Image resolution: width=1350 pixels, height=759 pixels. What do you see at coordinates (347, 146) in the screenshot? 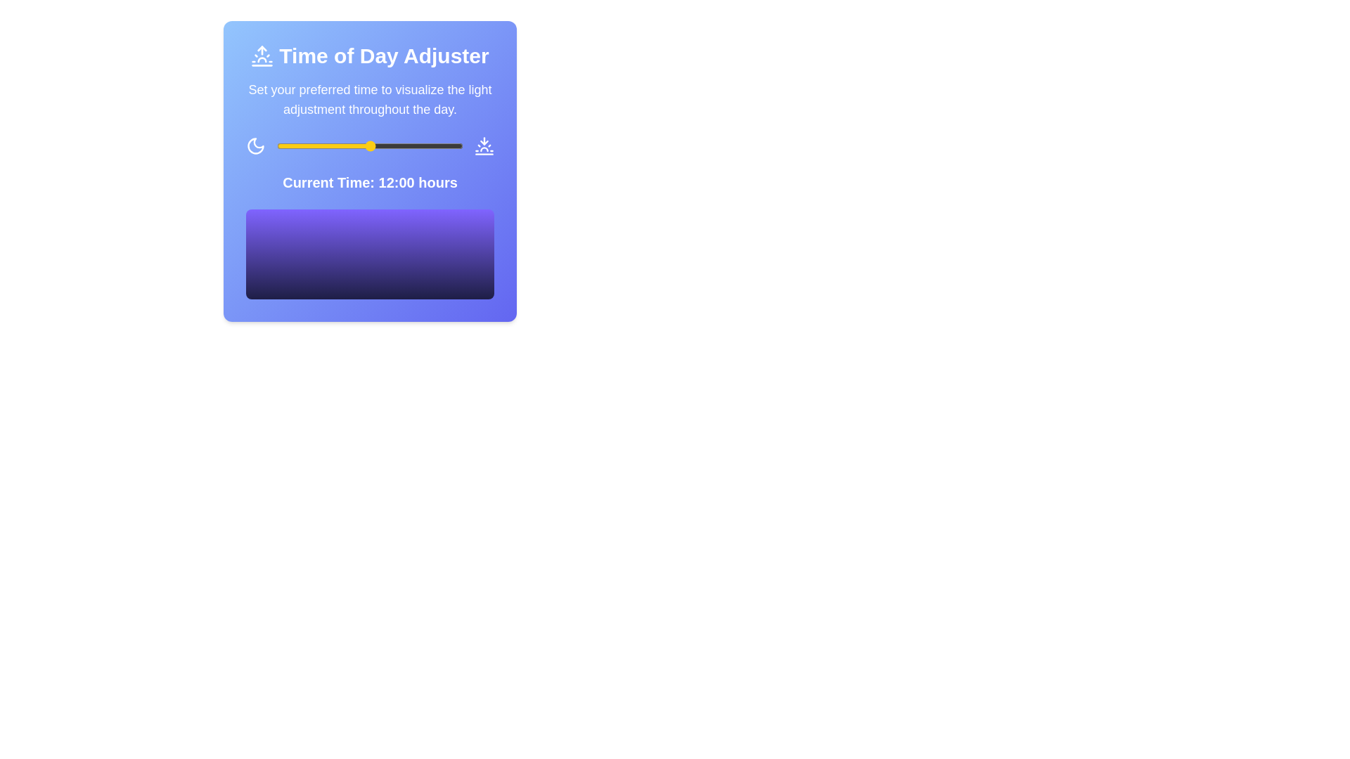
I see `the time slider to set the time to 9 hours` at bounding box center [347, 146].